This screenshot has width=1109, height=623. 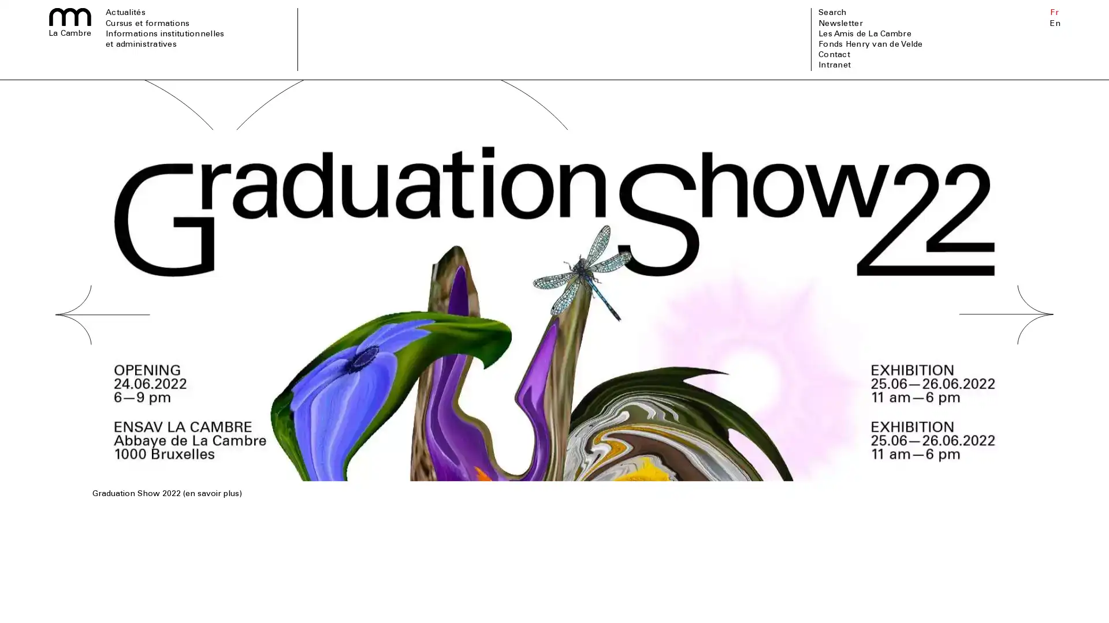 What do you see at coordinates (102, 351) in the screenshot?
I see `Previous` at bounding box center [102, 351].